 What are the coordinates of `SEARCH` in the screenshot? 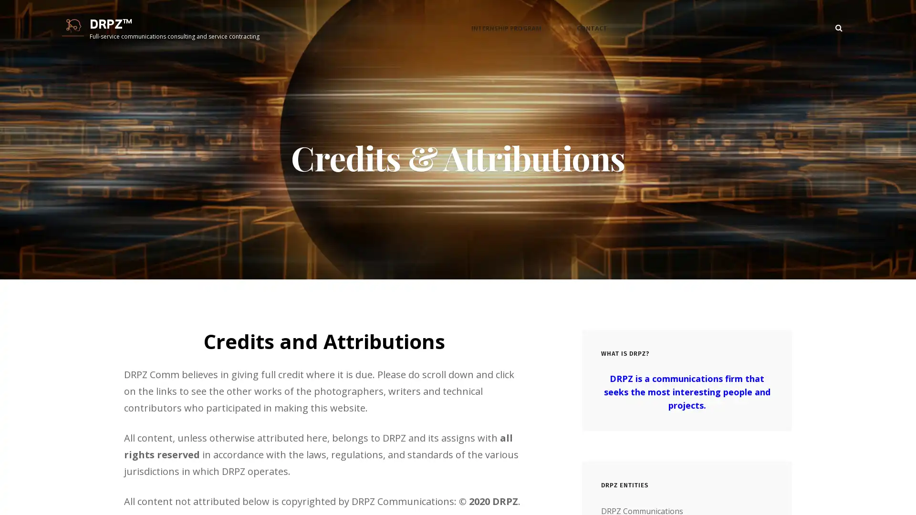 It's located at (838, 30).